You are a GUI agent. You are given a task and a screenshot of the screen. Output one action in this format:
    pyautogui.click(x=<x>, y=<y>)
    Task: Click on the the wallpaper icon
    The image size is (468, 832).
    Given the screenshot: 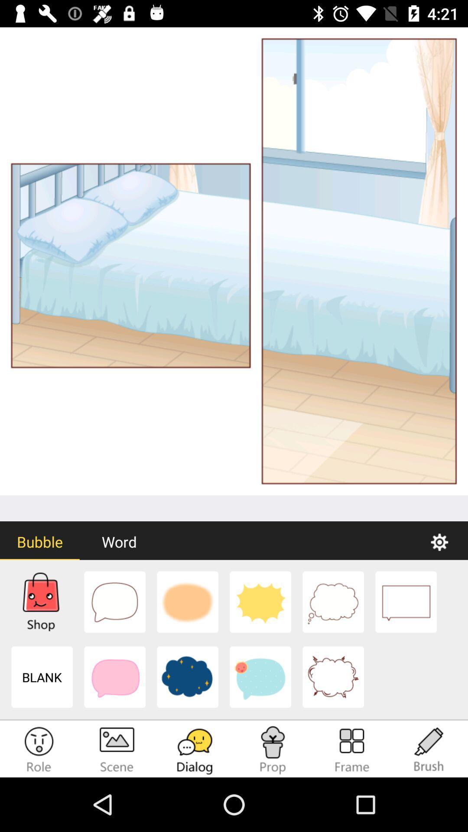 What is the action you would take?
    pyautogui.click(x=117, y=750)
    